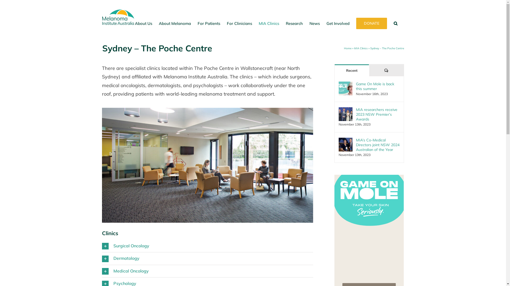 This screenshot has height=286, width=510. I want to click on 'For Patients', so click(209, 23).